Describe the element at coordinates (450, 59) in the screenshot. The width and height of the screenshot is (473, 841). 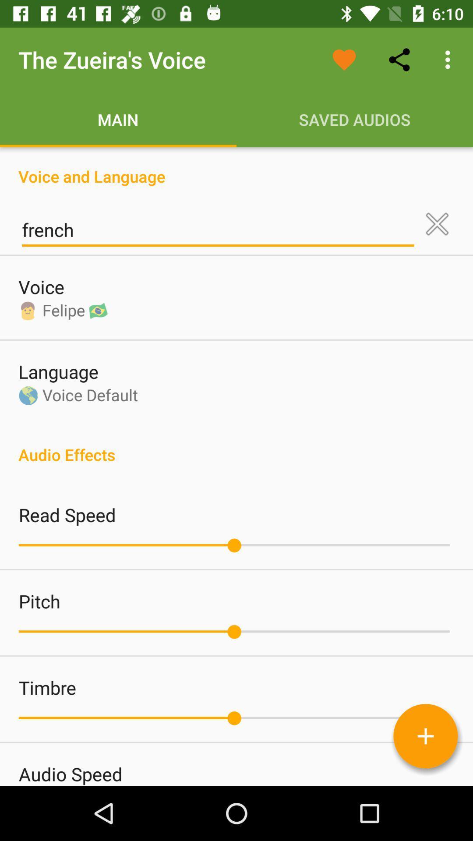
I see `the item above the voice and language item` at that location.